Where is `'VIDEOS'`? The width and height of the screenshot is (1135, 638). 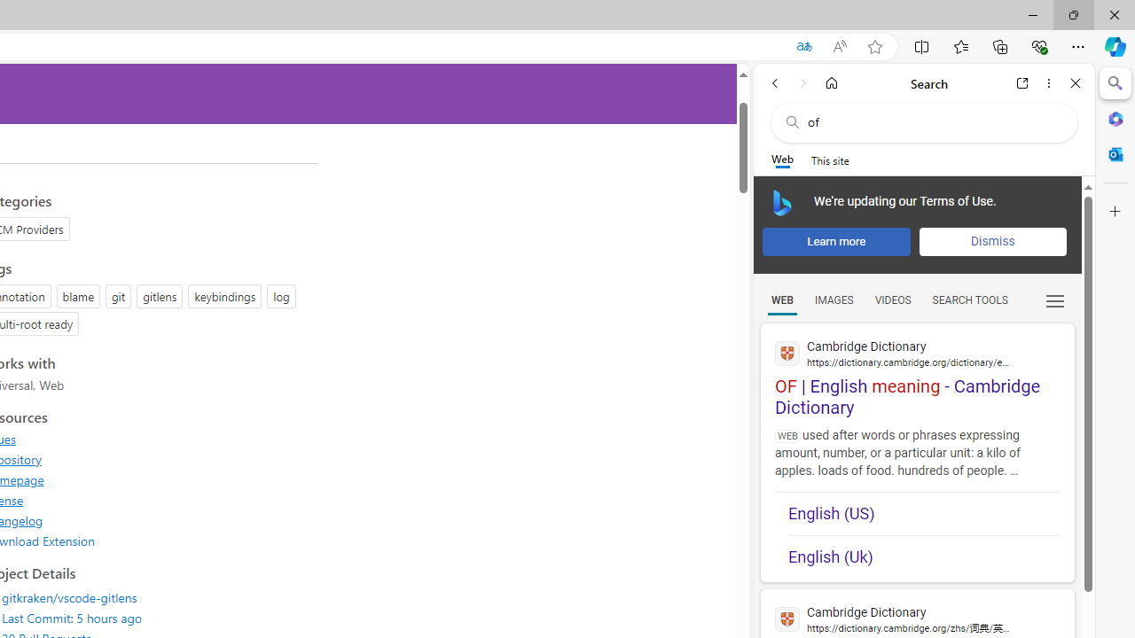 'VIDEOS' is located at coordinates (892, 300).